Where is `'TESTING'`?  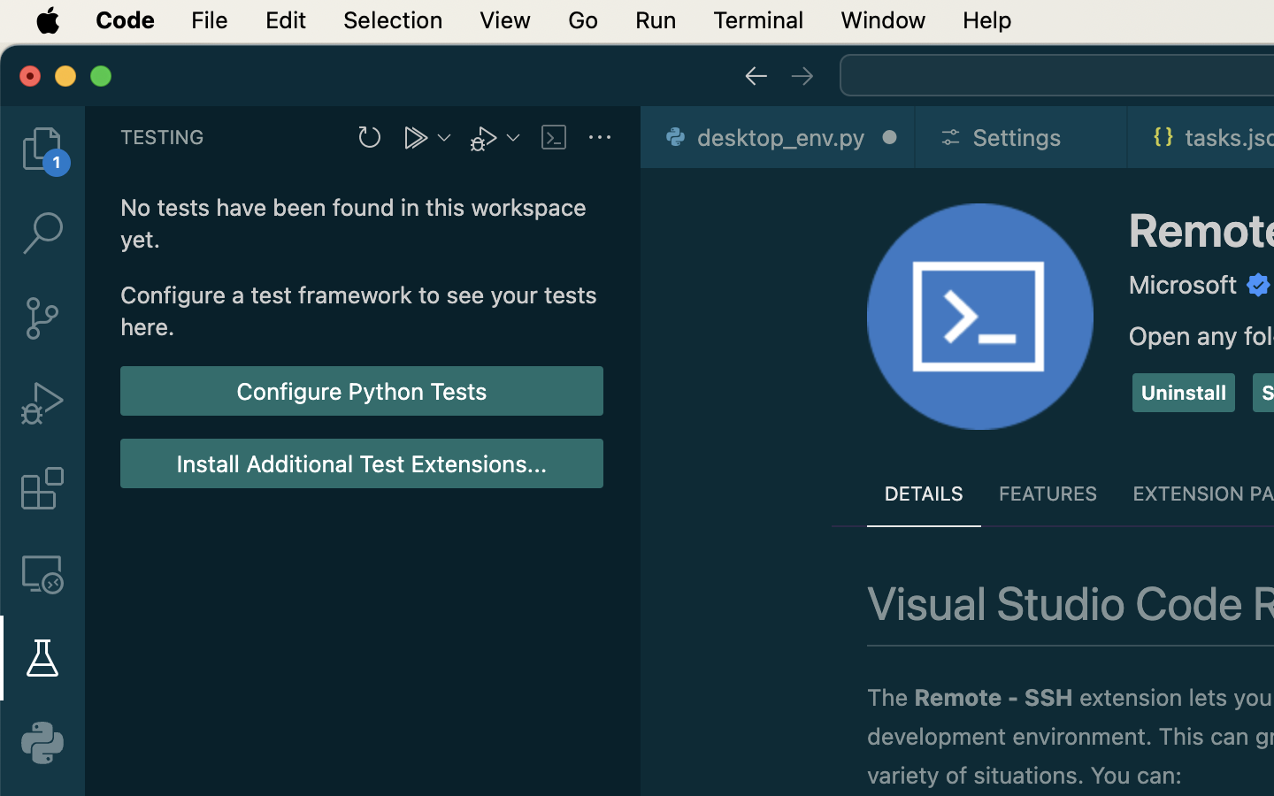 'TESTING' is located at coordinates (163, 136).